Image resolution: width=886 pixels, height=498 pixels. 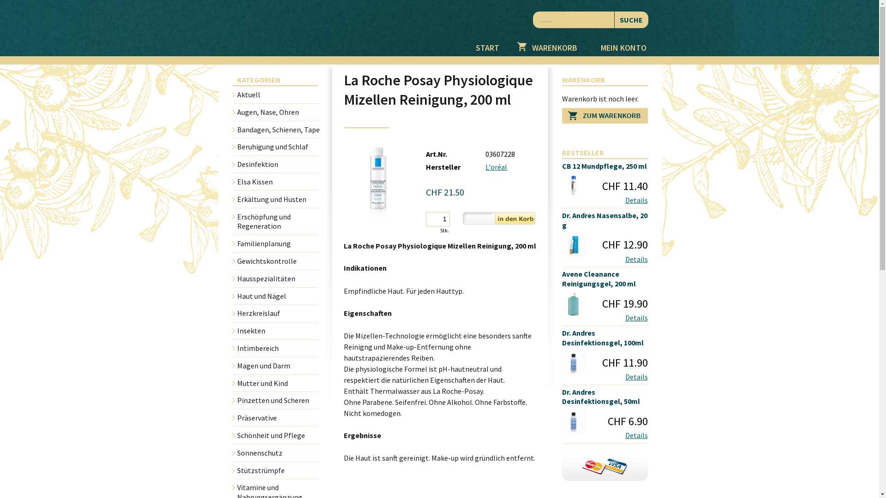 I want to click on 'Magen und Darm', so click(x=277, y=365).